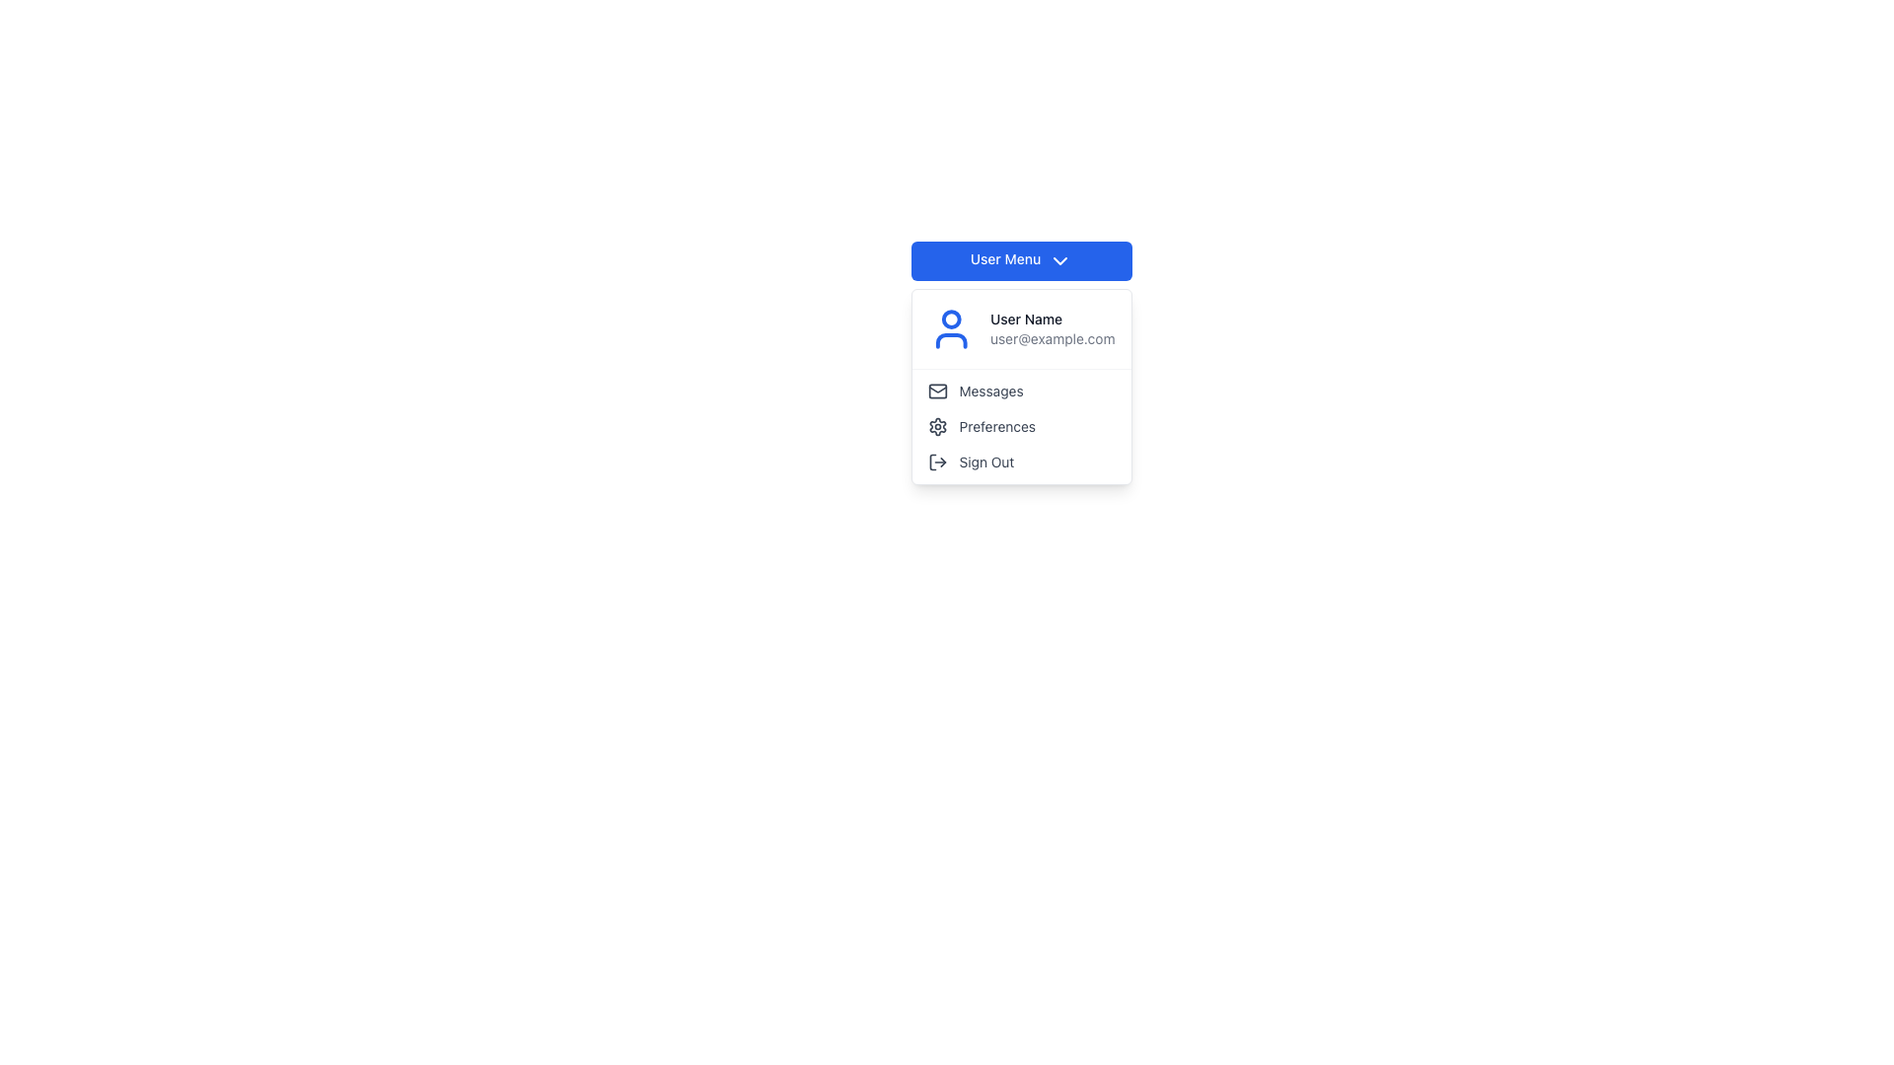  I want to click on the Text Label displaying the name of the currently logged-in user, which is located in the dropdown menu above the email text and to the right of the profile icon, so click(1052, 319).